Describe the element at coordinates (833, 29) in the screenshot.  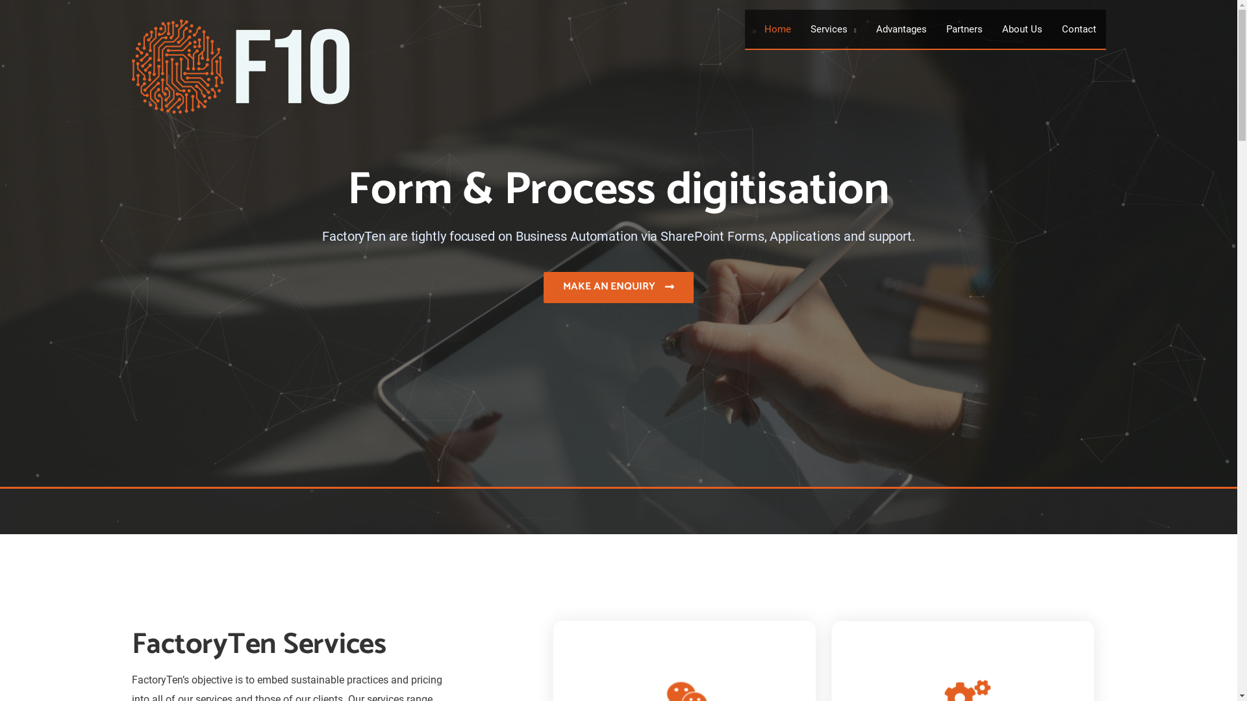
I see `'Services'` at that location.